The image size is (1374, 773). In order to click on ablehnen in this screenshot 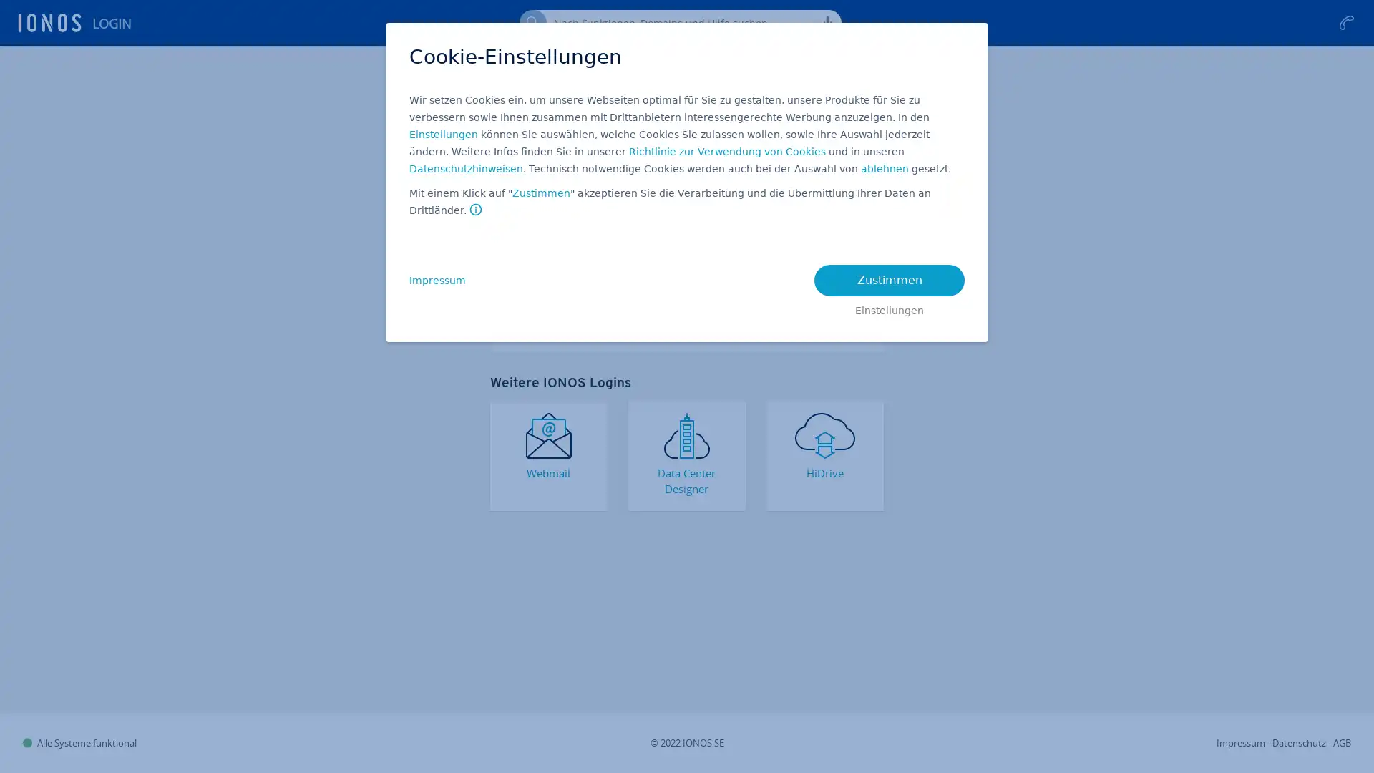, I will do `click(884, 168)`.